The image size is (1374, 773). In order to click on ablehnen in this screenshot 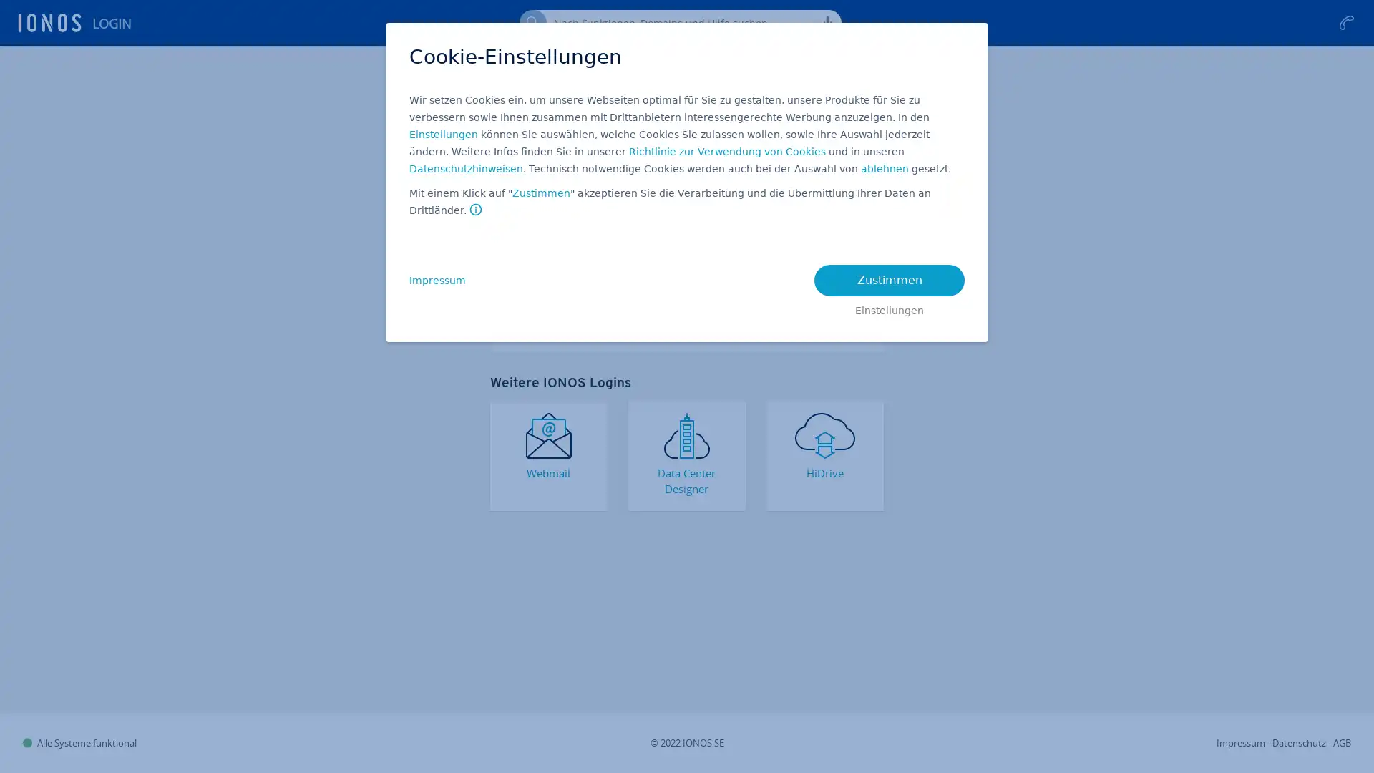, I will do `click(884, 168)`.